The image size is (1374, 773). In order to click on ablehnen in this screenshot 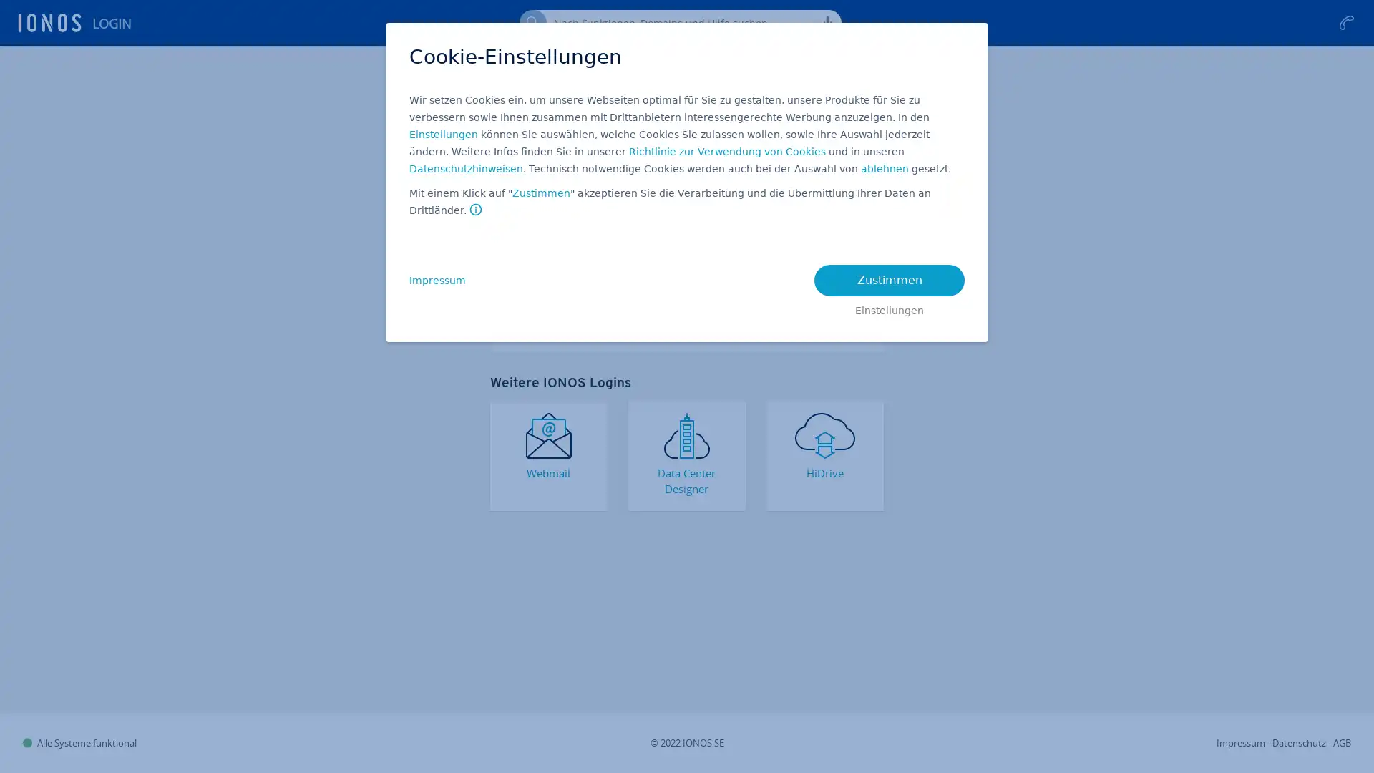, I will do `click(884, 168)`.